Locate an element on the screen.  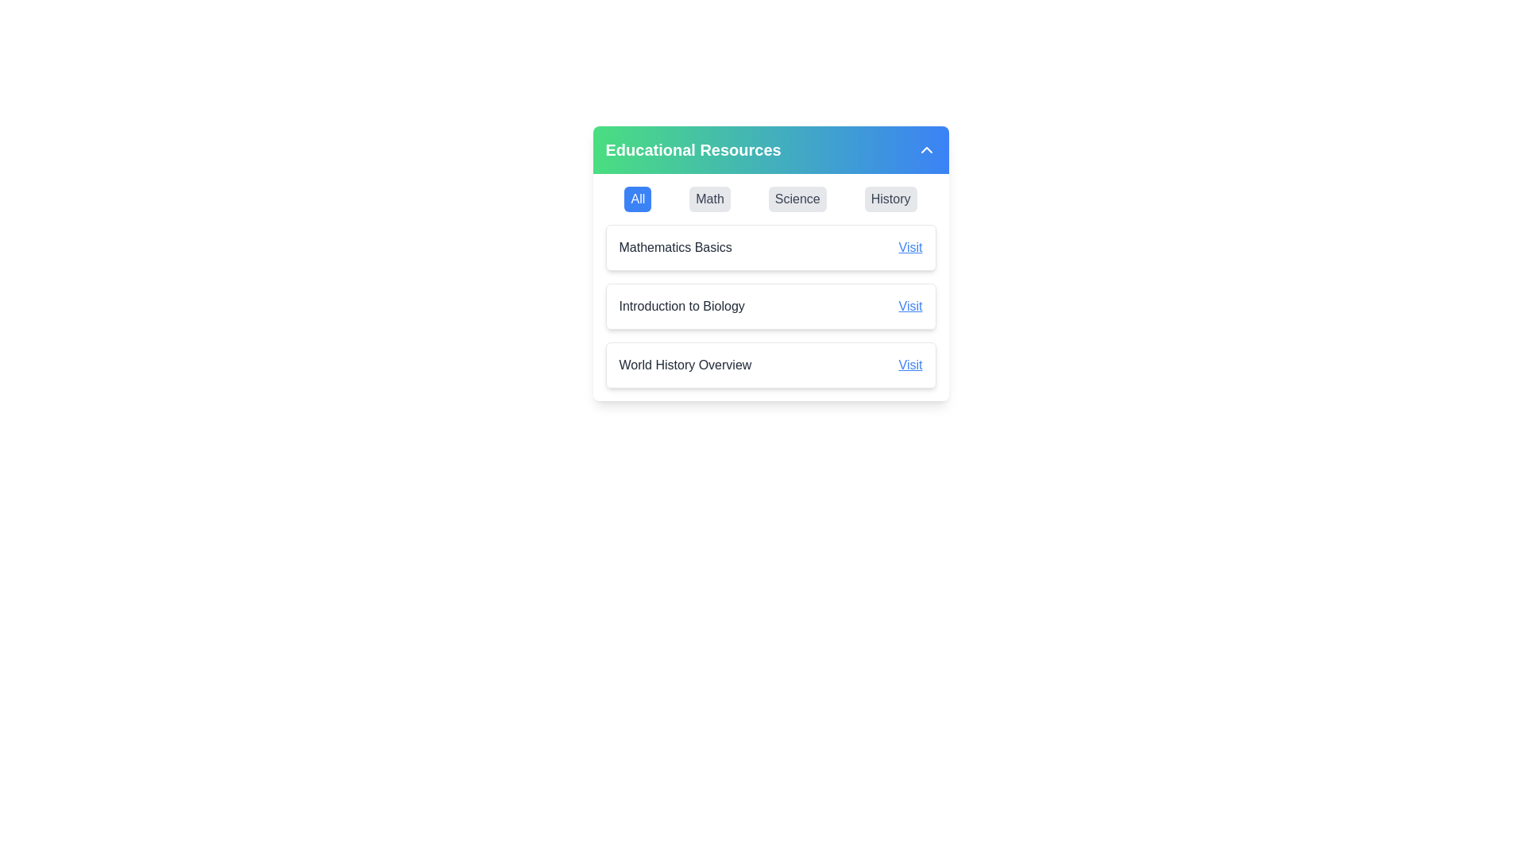
the hyperlink located to the far right of the 'World History Overview' label within the 'Educational Resources' card is located at coordinates (910, 365).